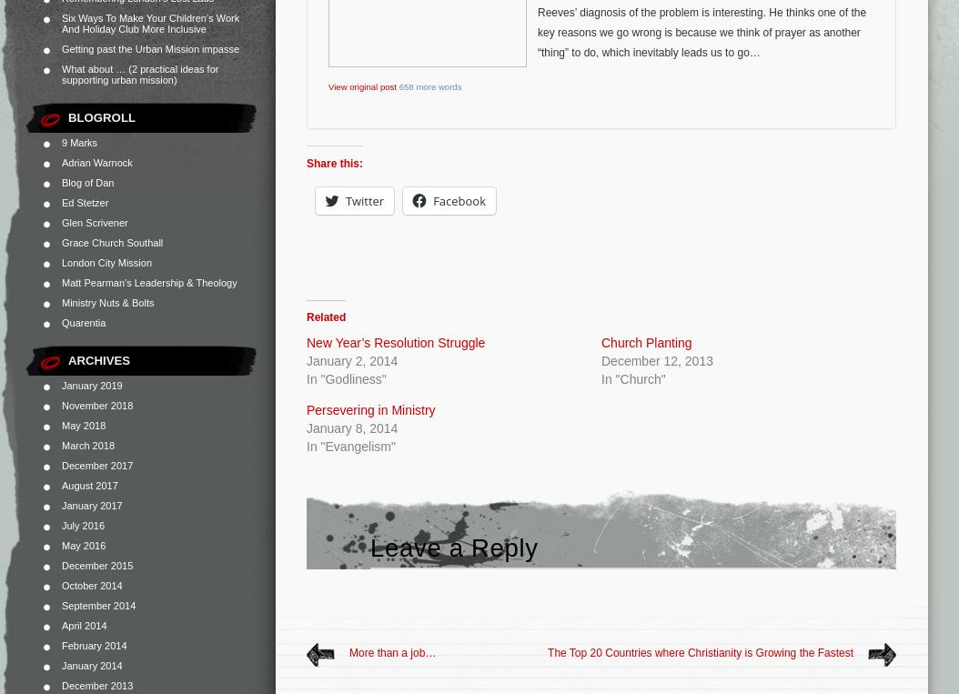  Describe the element at coordinates (98, 359) in the screenshot. I see `'Archives'` at that location.